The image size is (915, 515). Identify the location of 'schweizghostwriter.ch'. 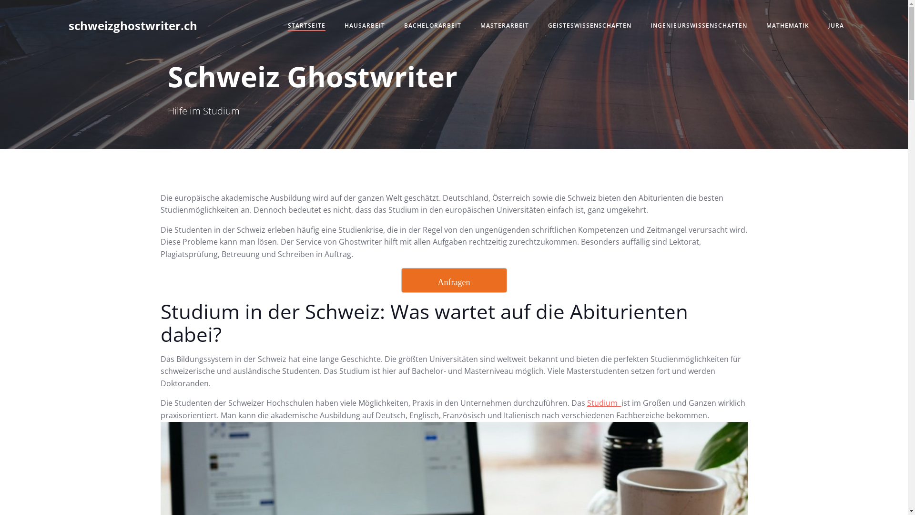
(132, 25).